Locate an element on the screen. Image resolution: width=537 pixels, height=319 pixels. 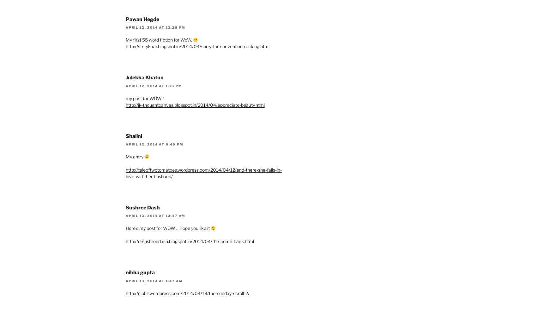
'My entry' is located at coordinates (135, 156).